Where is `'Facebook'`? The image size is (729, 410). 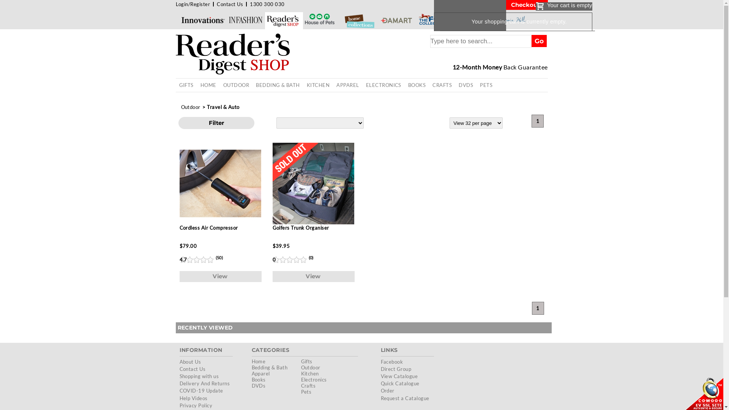
'Facebook' is located at coordinates (380, 361).